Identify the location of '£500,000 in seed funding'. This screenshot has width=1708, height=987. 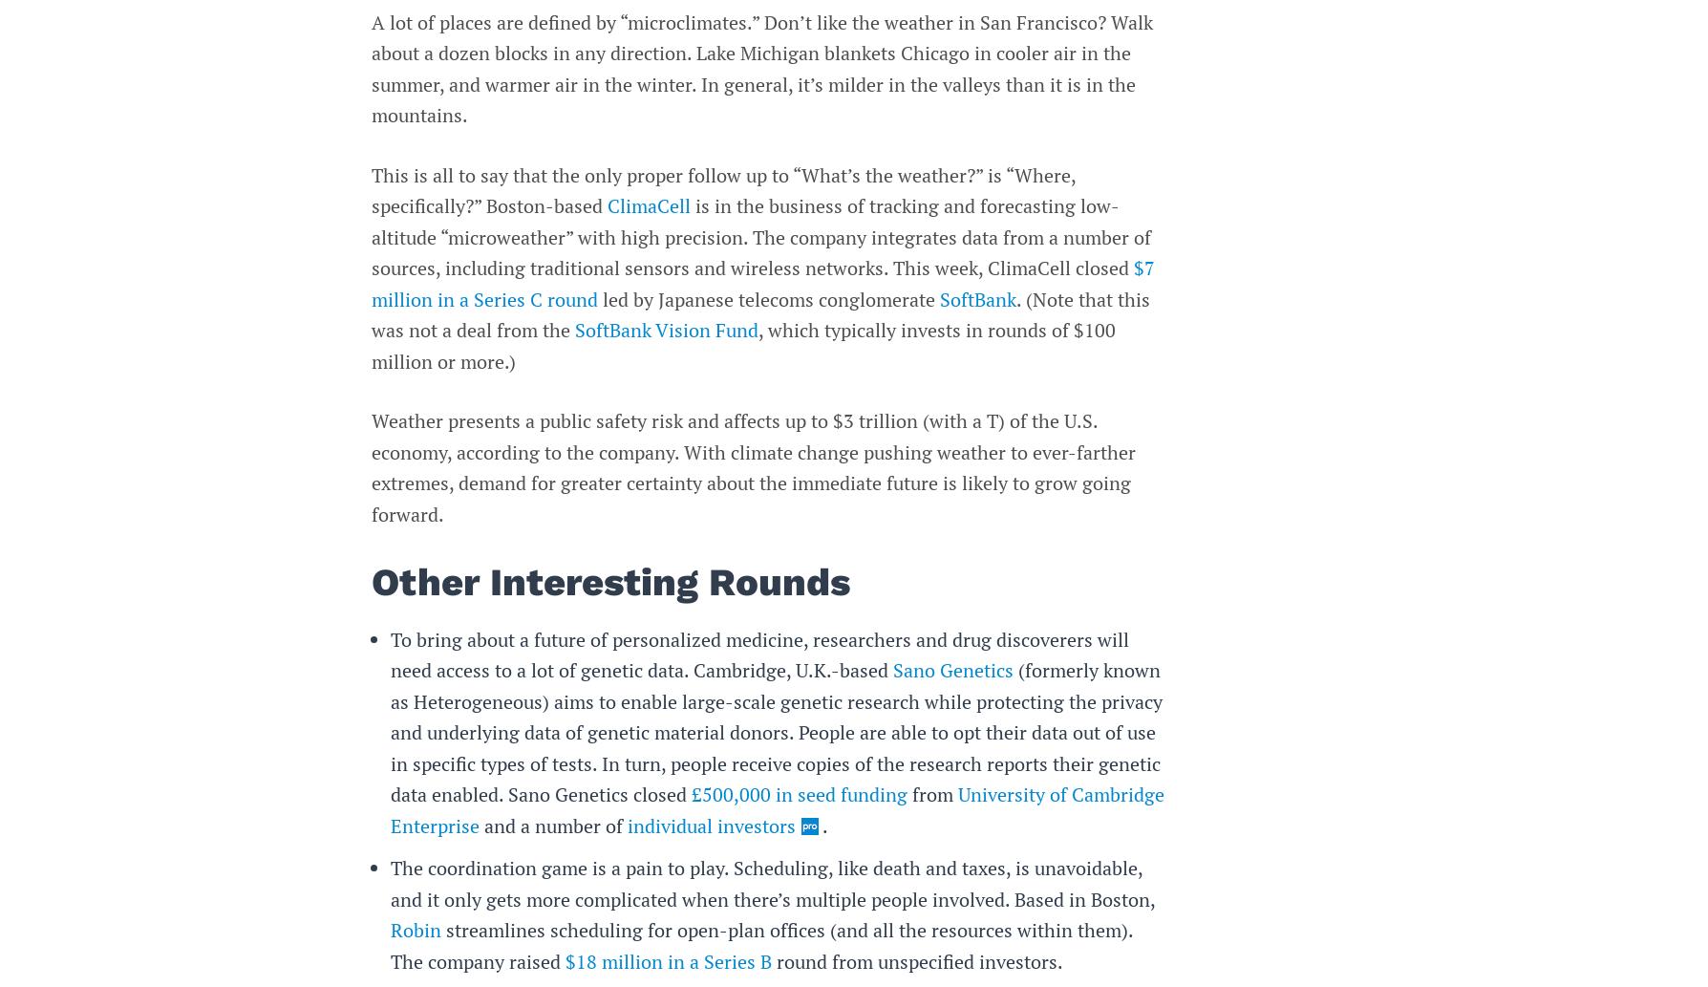
(798, 794).